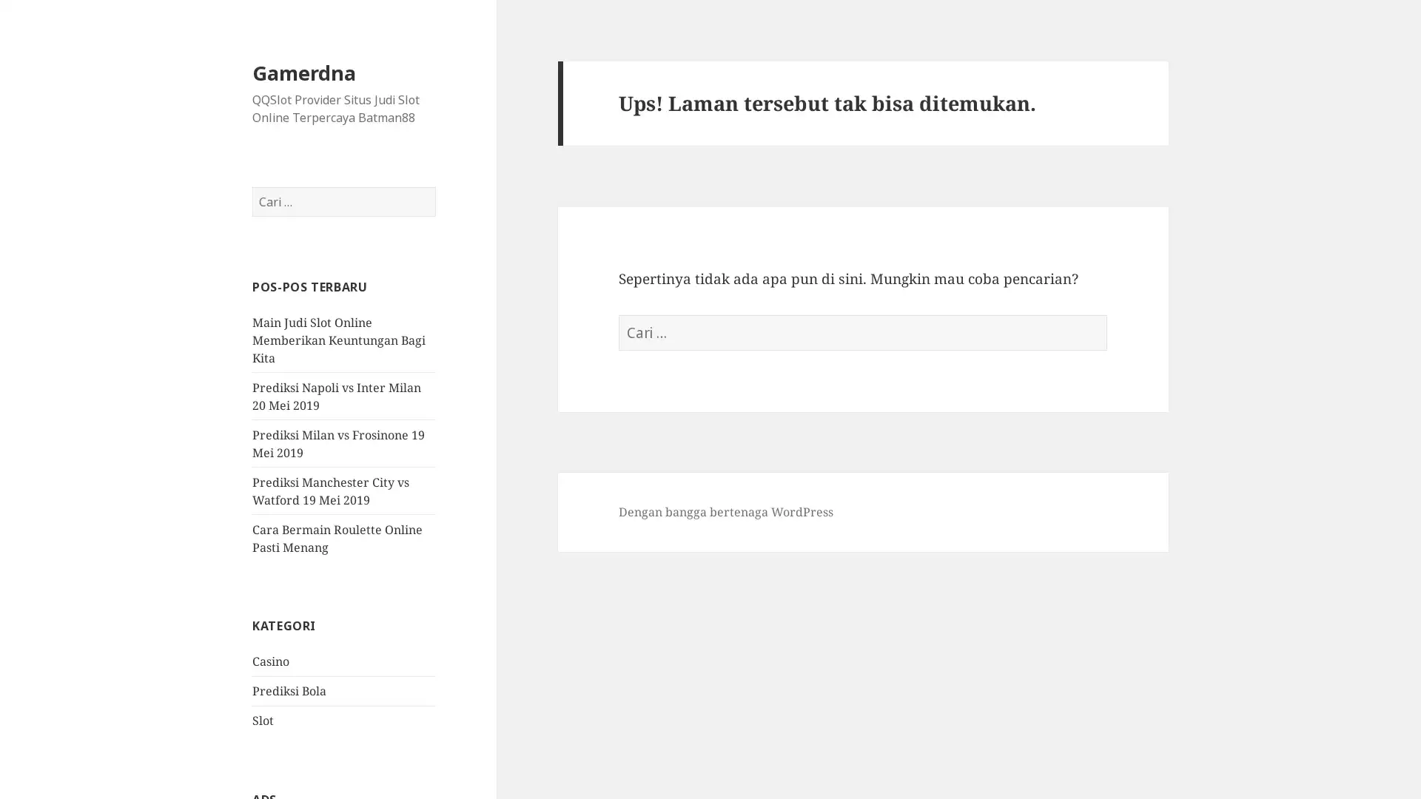 Image resolution: width=1421 pixels, height=799 pixels. What do you see at coordinates (1107, 314) in the screenshot?
I see `Cari` at bounding box center [1107, 314].